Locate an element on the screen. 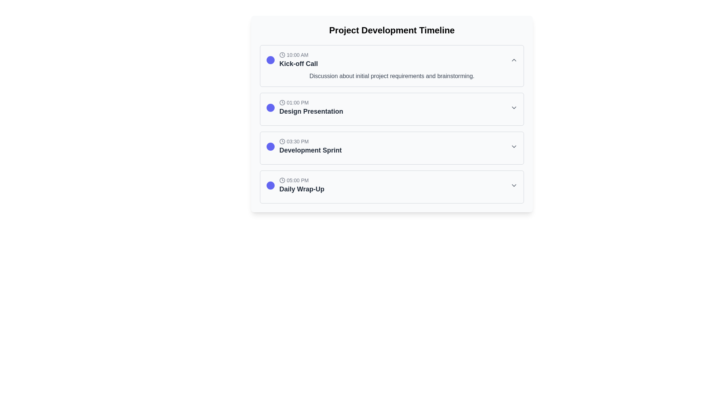  the small circular blue icon located to the left of the '03:30 PM Development Sprint' event in the timeline interface is located at coordinates (270, 147).